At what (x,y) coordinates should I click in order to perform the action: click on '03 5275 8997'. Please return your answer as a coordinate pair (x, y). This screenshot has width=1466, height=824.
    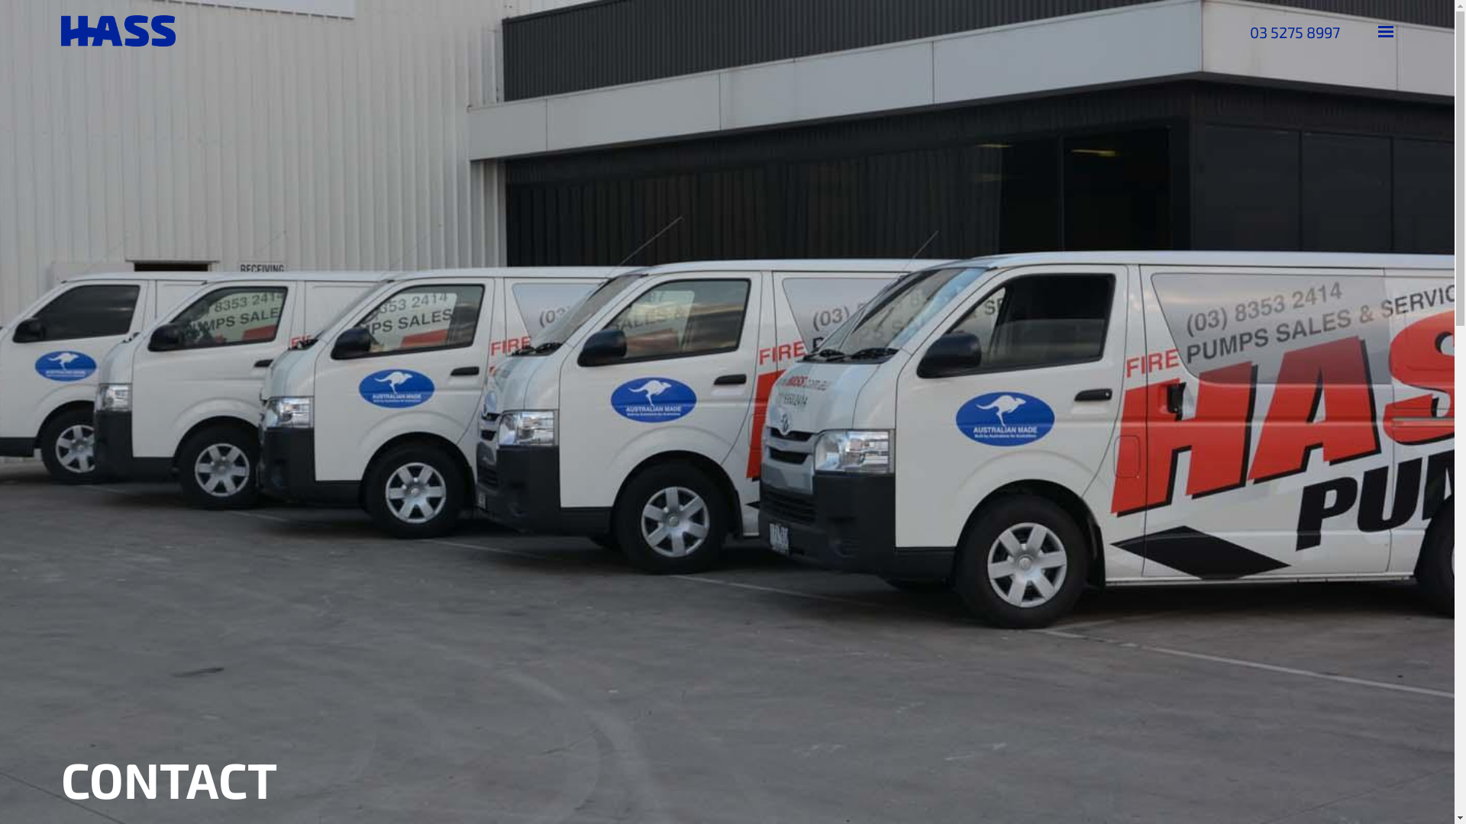
    Looking at the image, I should click on (1249, 32).